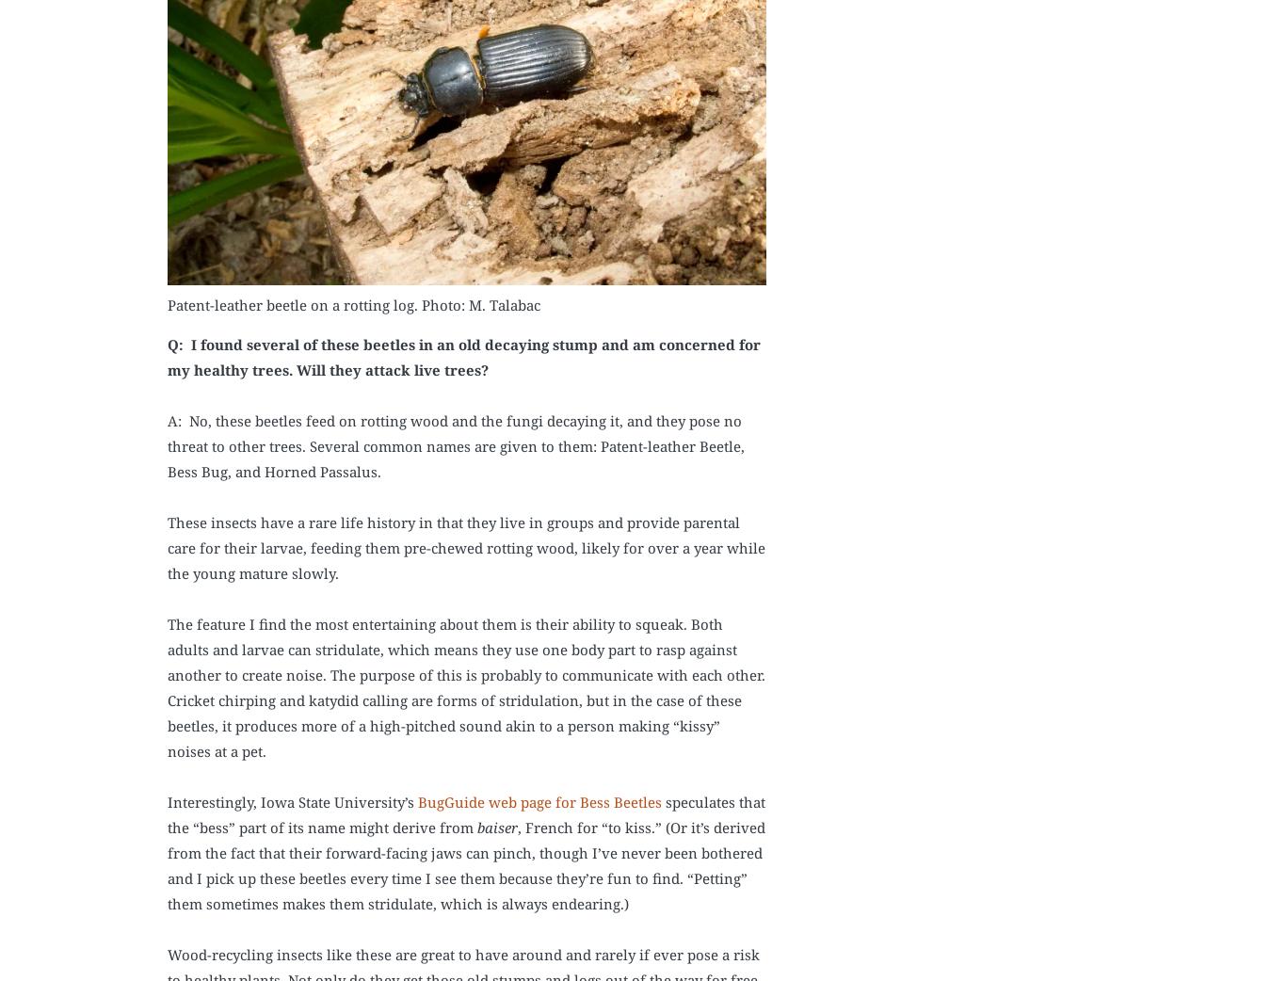 This screenshot has width=1271, height=981. What do you see at coordinates (455, 444) in the screenshot?
I see `'A:  No, these beetles feed on rotting wood and the fungi decaying it, and they pose no threat to other trees. Several common names are given to them: Patent-leather Beetle, Bess Bug, and Horned Passalus.'` at bounding box center [455, 444].